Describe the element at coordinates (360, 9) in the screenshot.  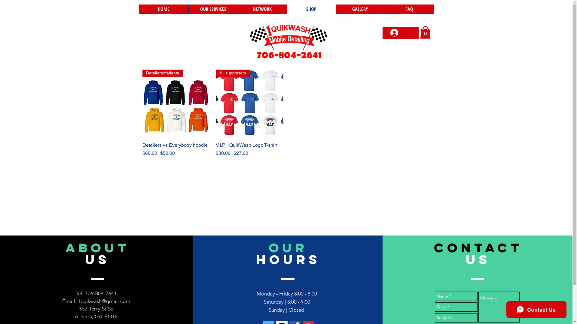
I see `'GALLERY'` at that location.